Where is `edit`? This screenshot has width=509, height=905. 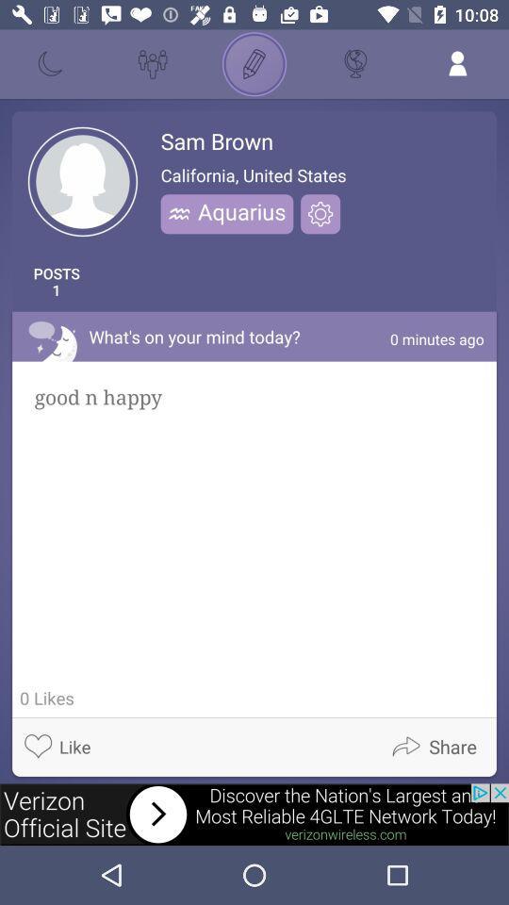
edit is located at coordinates (254, 64).